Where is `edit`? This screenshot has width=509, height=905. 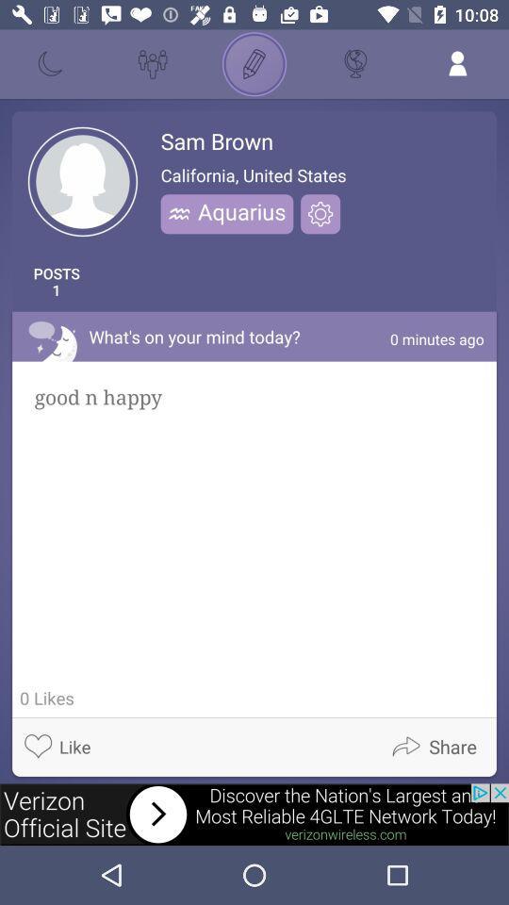
edit is located at coordinates (254, 64).